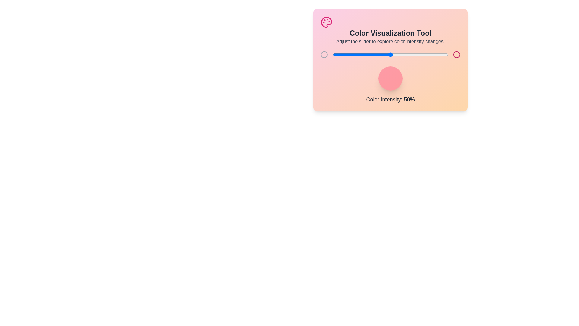 Image resolution: width=579 pixels, height=326 pixels. I want to click on the right circular icon beside the slider, so click(457, 55).